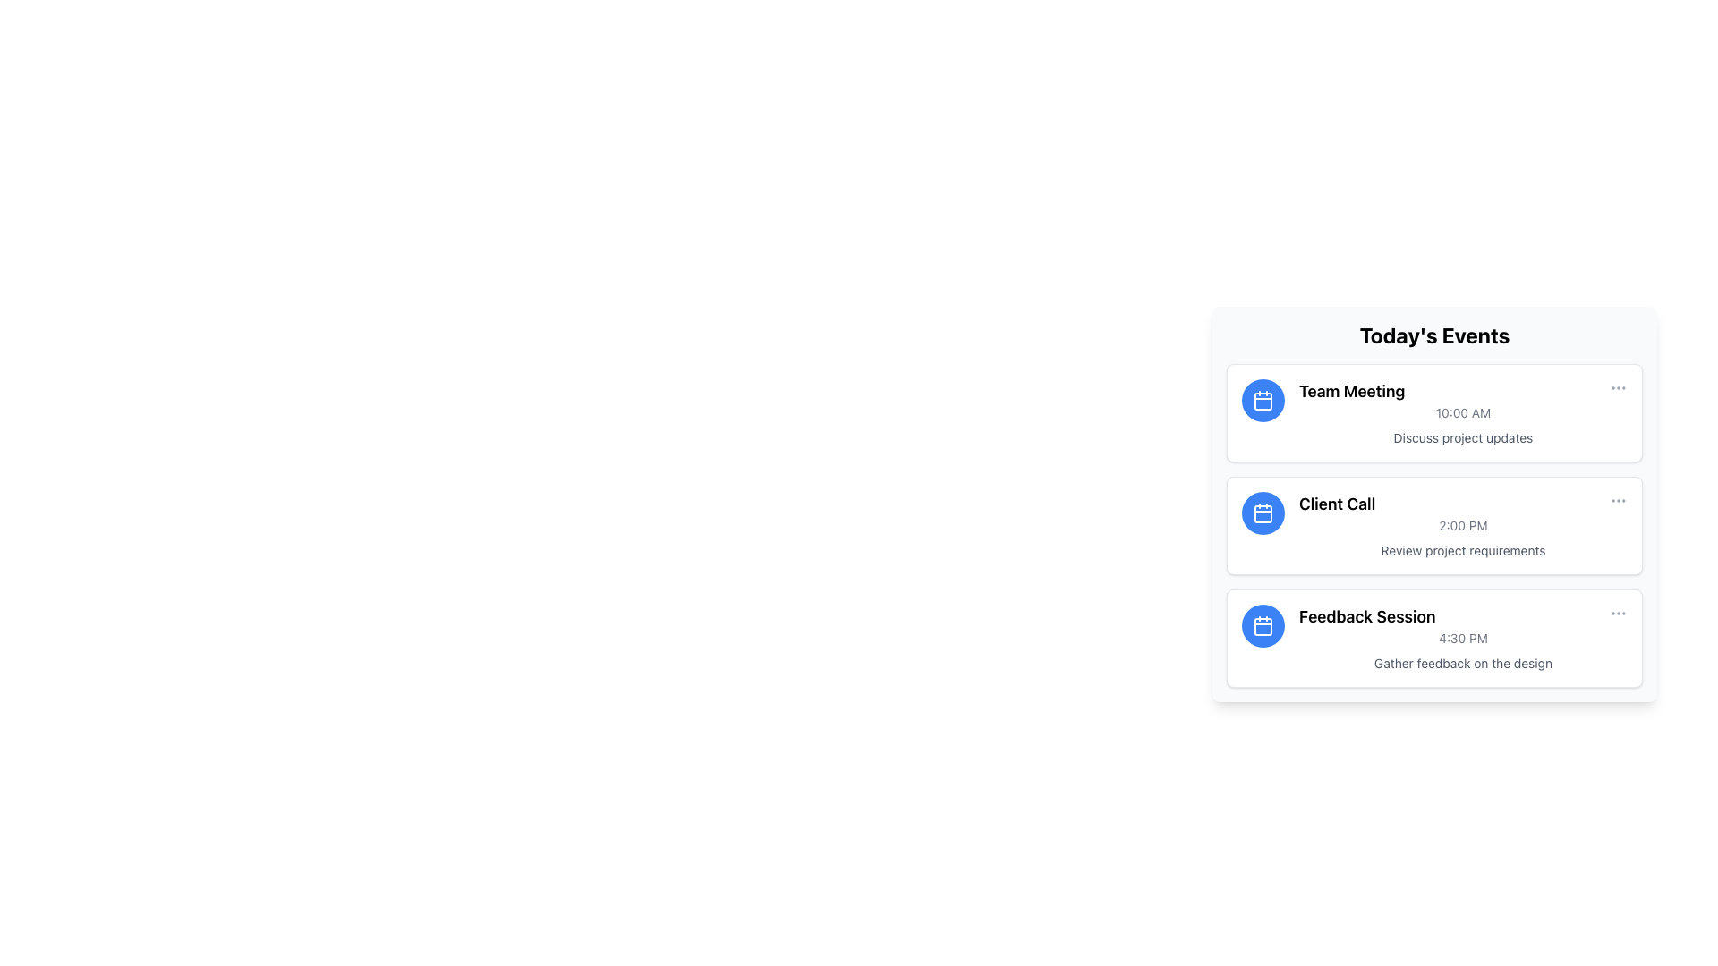 The image size is (1718, 966). Describe the element at coordinates (1352, 391) in the screenshot. I see `the bold text label displaying 'Team Meeting' located in the top-left region of the first event card under 'Today's Events'` at that location.